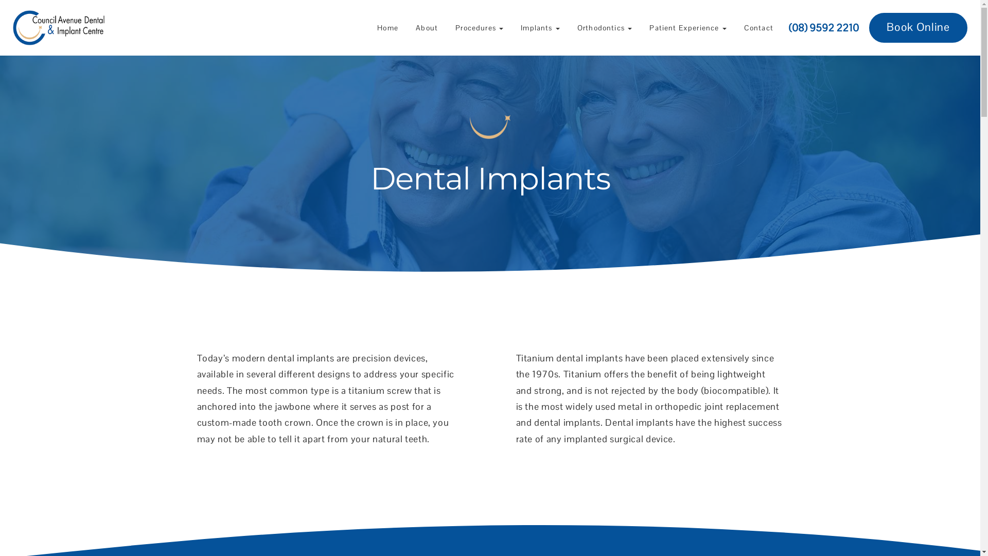 Image resolution: width=988 pixels, height=556 pixels. I want to click on 'About', so click(427, 27).